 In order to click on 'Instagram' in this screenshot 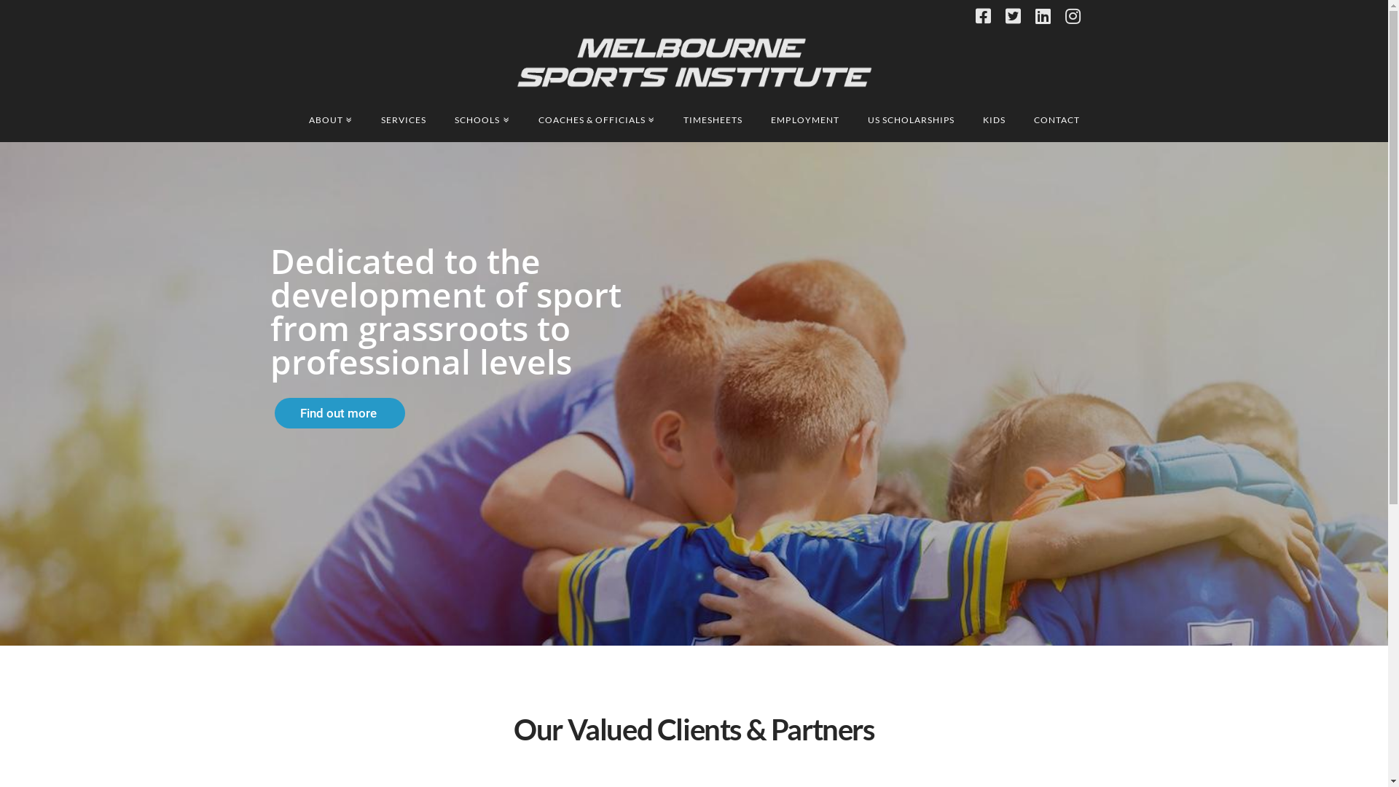, I will do `click(1073, 16)`.